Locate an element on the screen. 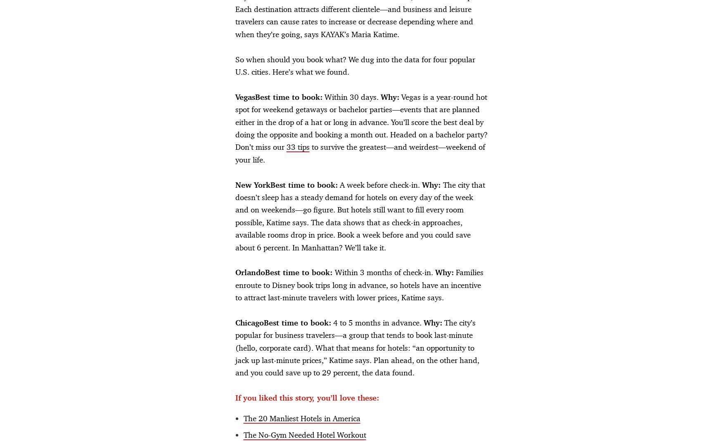 The image size is (723, 441). 'DAA Industry Opt Out' is located at coordinates (370, 425).